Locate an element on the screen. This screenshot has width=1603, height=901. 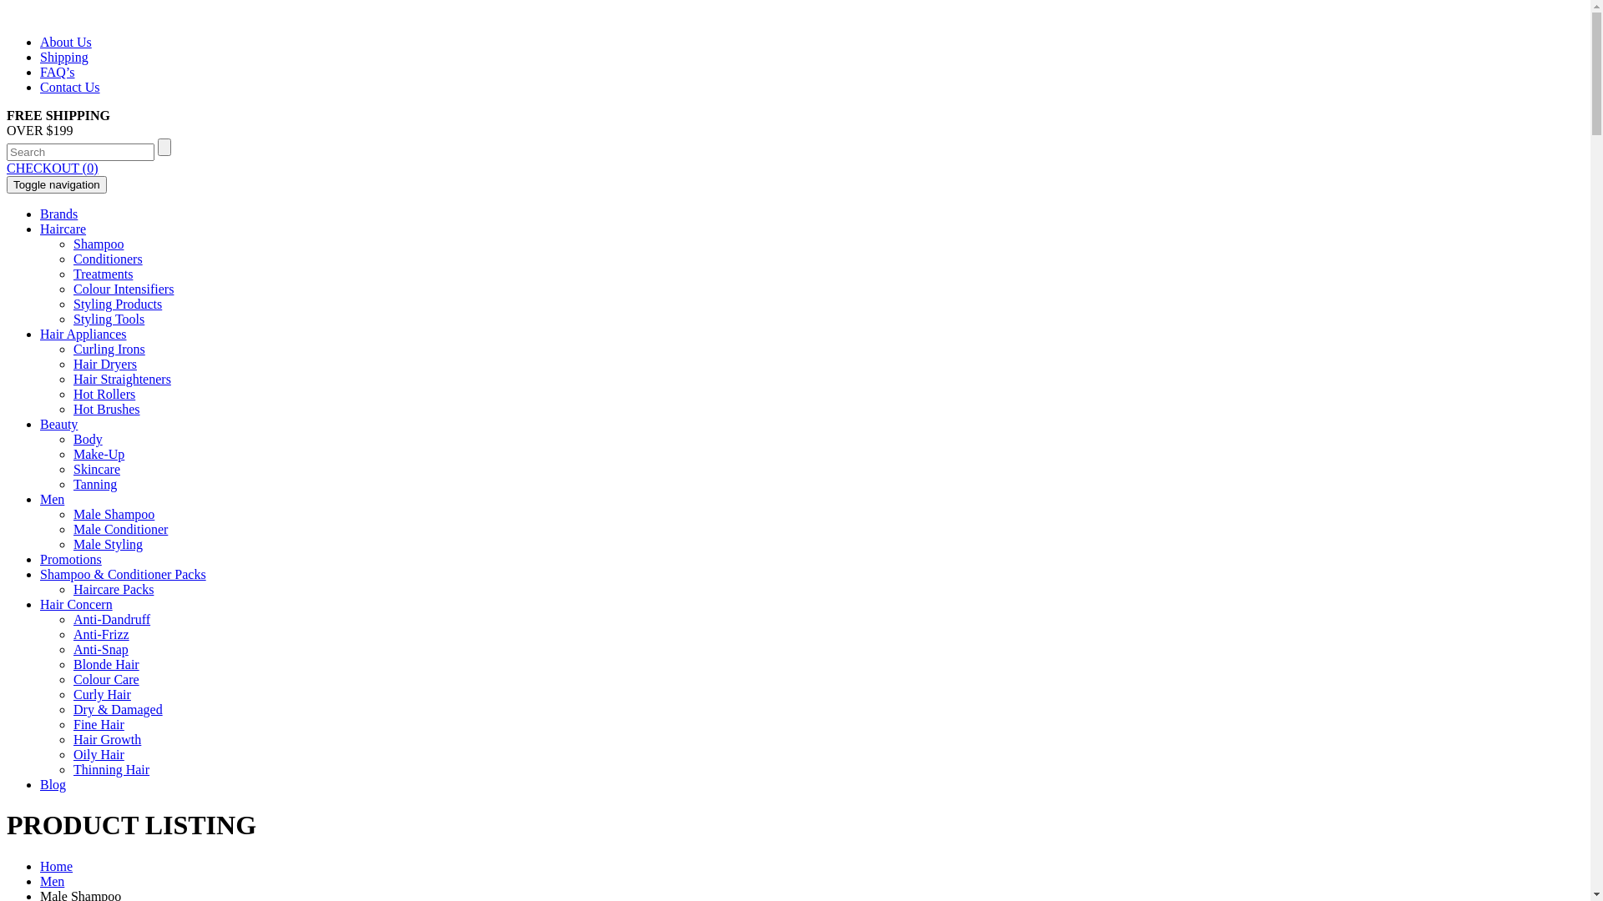
'Male Conditioner' is located at coordinates (119, 529).